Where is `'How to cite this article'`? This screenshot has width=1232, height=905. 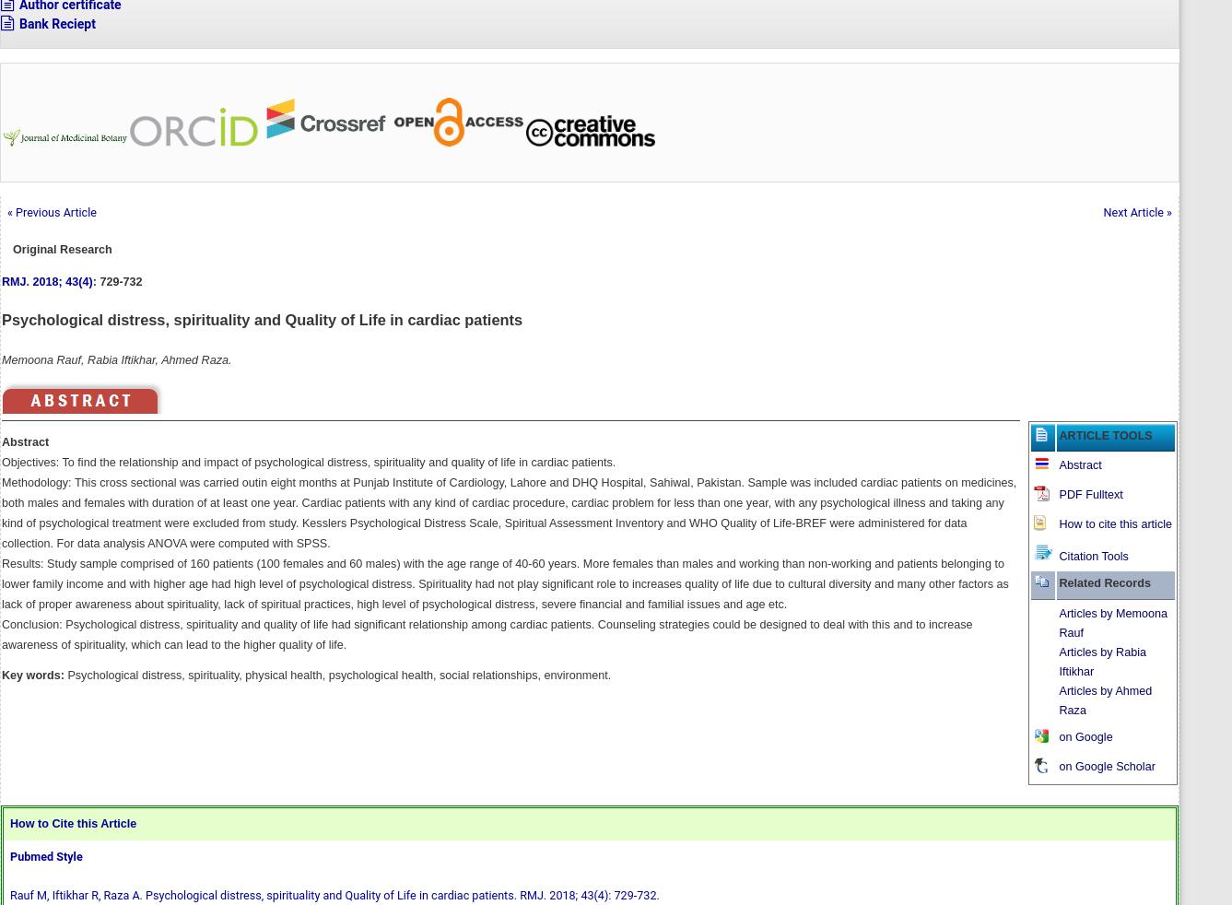
'How to cite this article' is located at coordinates (1115, 522).